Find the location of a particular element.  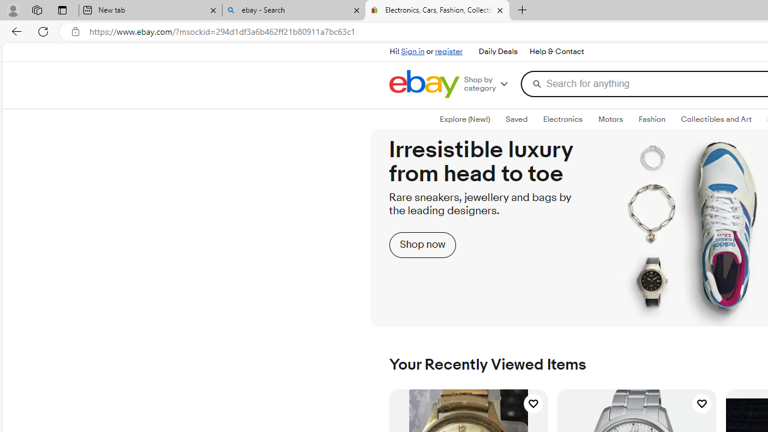

'Shop by category' is located at coordinates (490, 83).